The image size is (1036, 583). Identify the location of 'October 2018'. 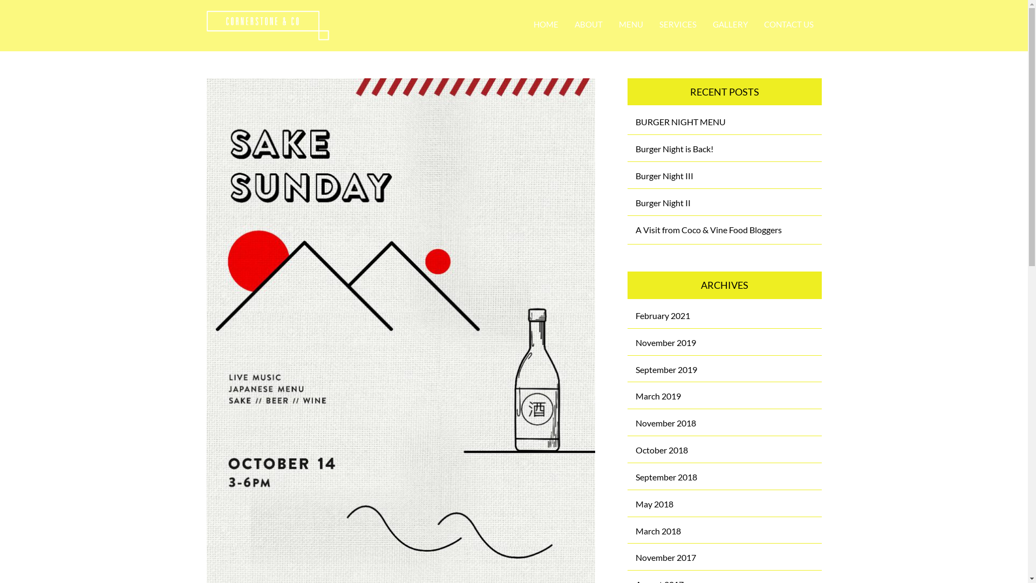
(661, 450).